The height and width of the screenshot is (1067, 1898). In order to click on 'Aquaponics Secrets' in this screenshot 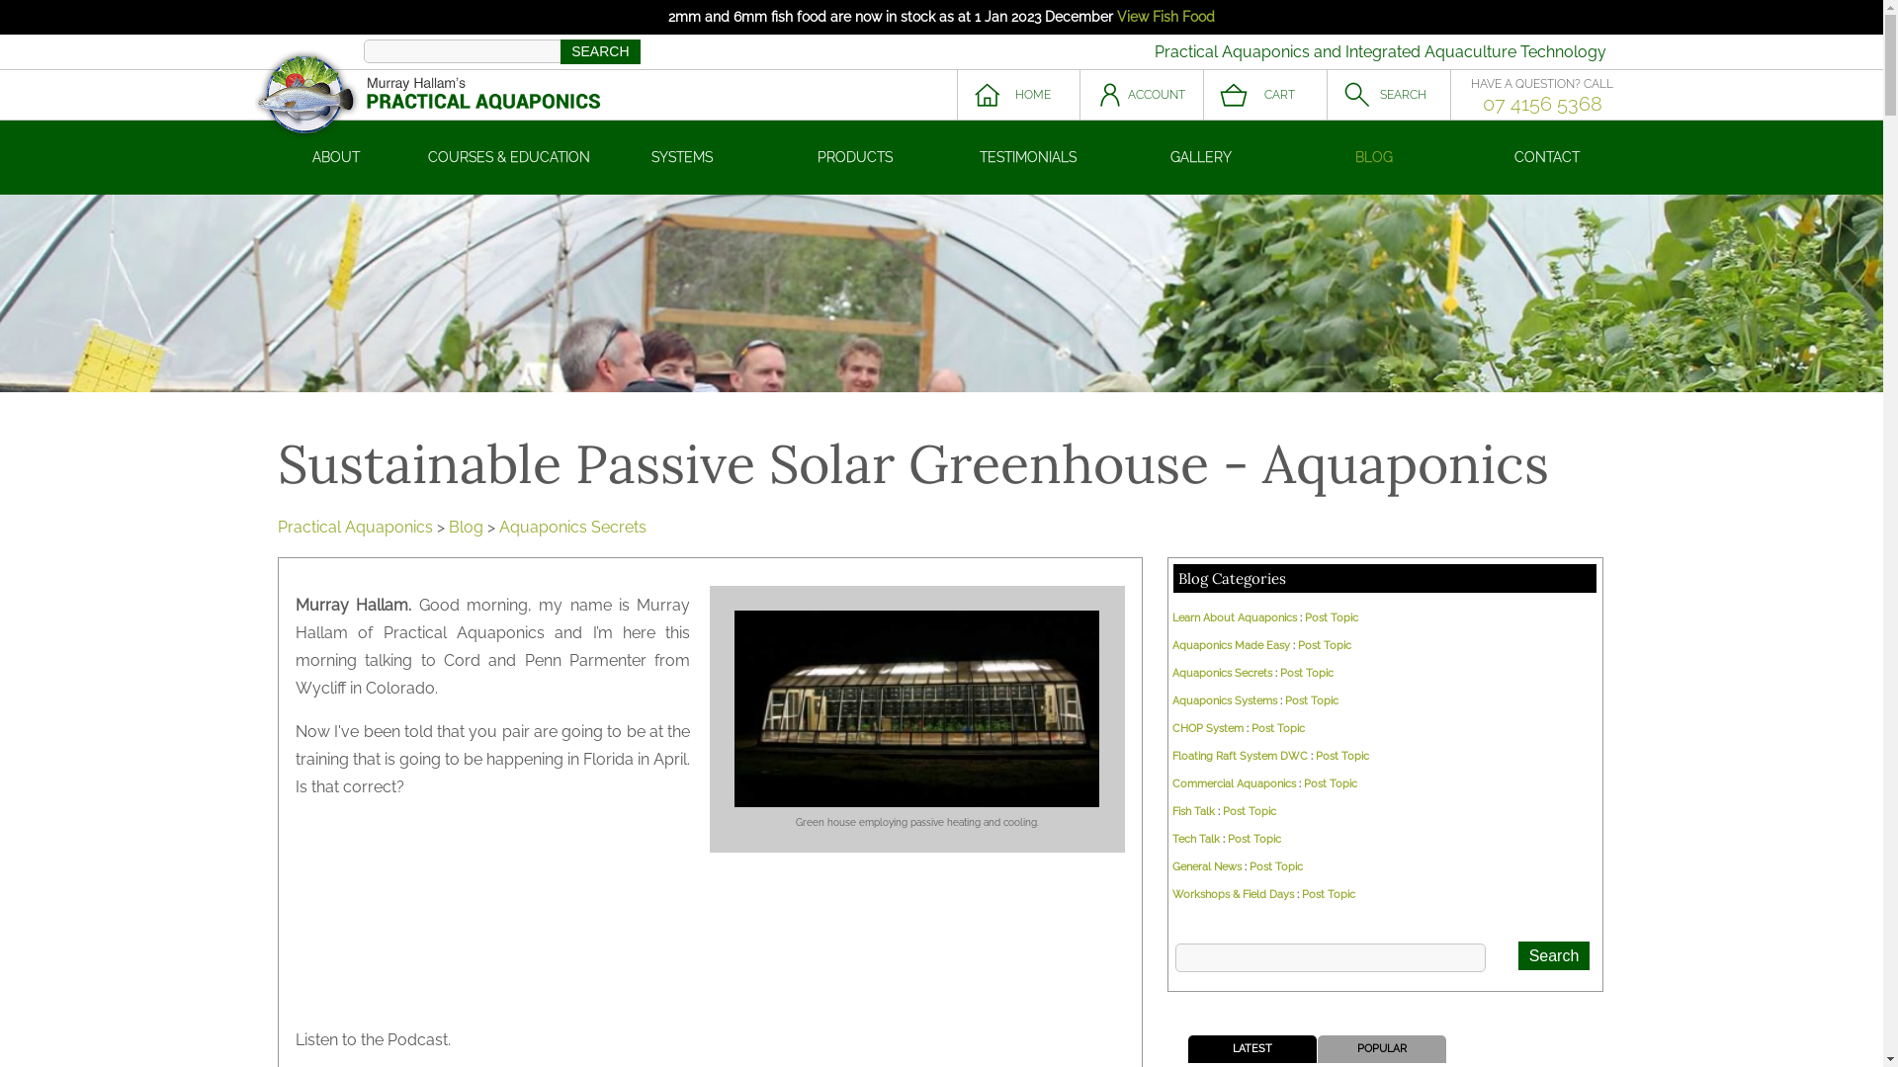, I will do `click(570, 526)`.